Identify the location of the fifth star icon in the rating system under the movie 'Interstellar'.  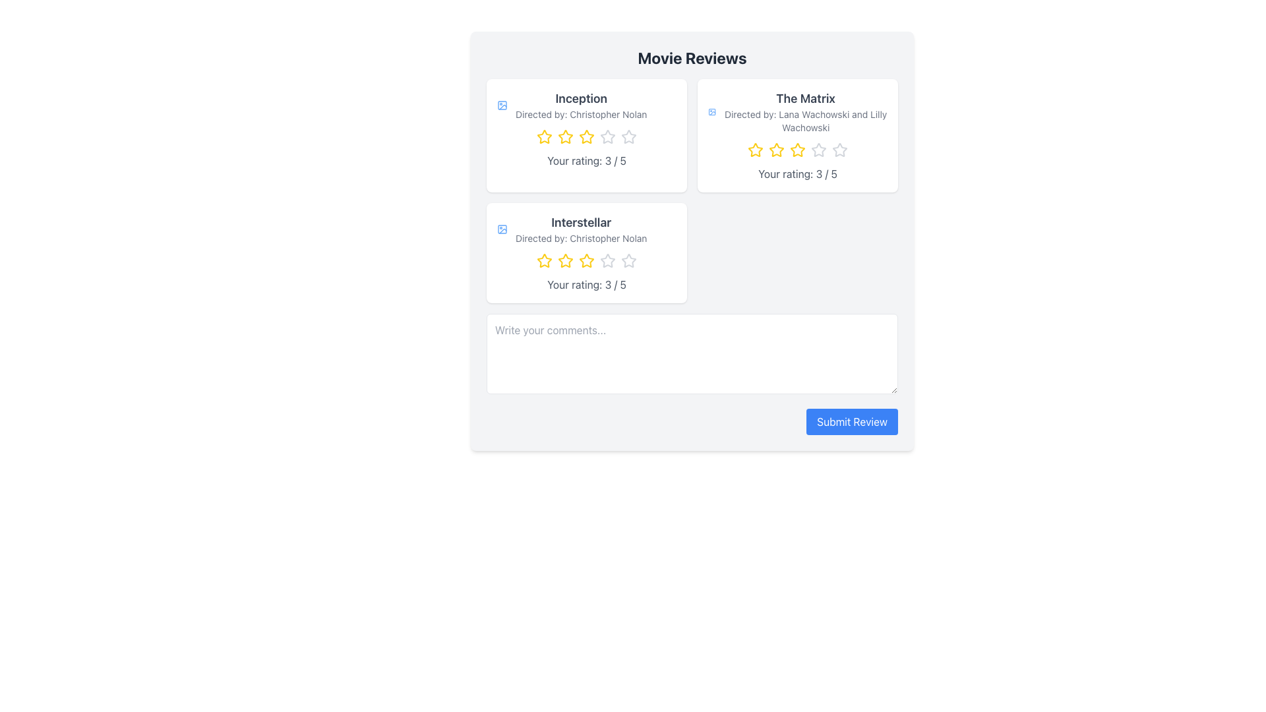
(628, 261).